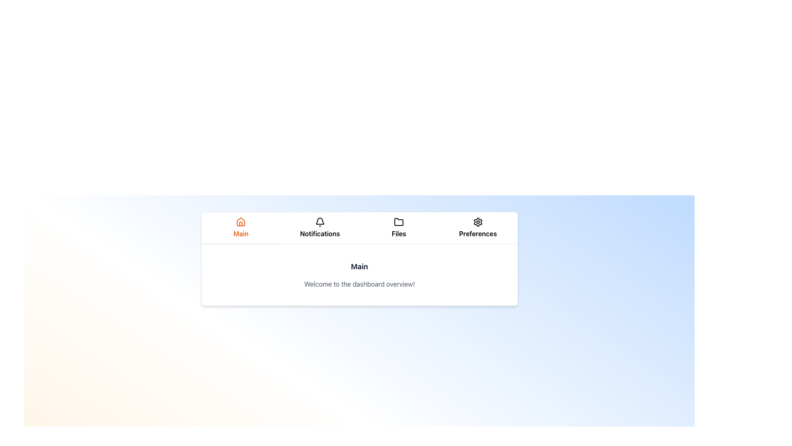 This screenshot has height=446, width=792. What do you see at coordinates (478, 221) in the screenshot?
I see `the circular gear-shaped icon located within the navigation tab labeled 'Preferences' at the top right` at bounding box center [478, 221].